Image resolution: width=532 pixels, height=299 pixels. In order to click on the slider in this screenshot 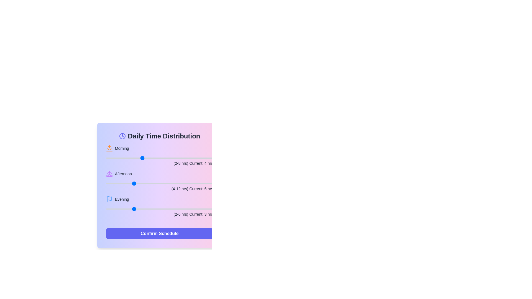, I will do `click(132, 209)`.